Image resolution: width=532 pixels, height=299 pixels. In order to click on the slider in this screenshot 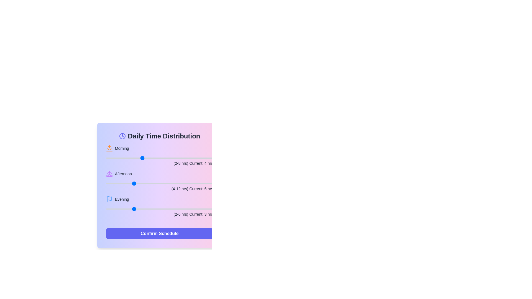, I will do `click(132, 209)`.